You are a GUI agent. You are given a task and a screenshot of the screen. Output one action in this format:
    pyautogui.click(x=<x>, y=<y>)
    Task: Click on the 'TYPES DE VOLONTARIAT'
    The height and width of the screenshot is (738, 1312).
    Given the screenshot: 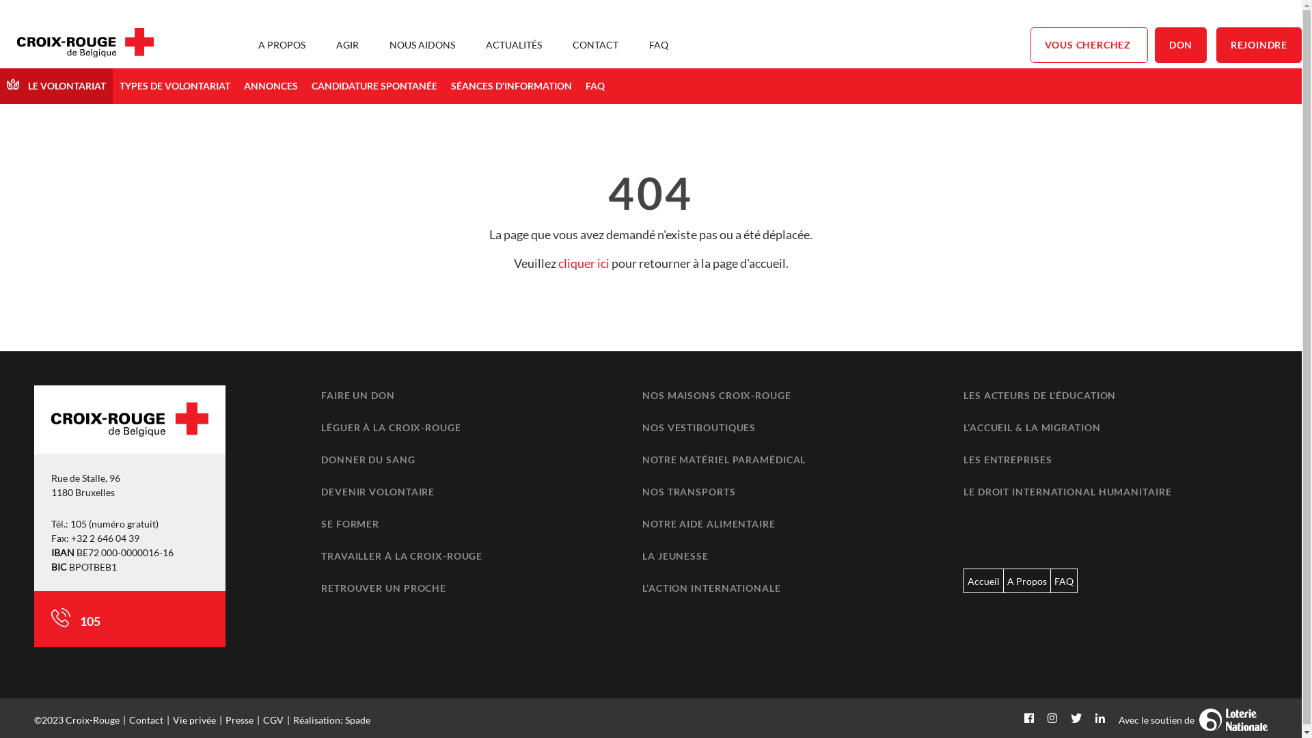 What is the action you would take?
    pyautogui.click(x=174, y=86)
    